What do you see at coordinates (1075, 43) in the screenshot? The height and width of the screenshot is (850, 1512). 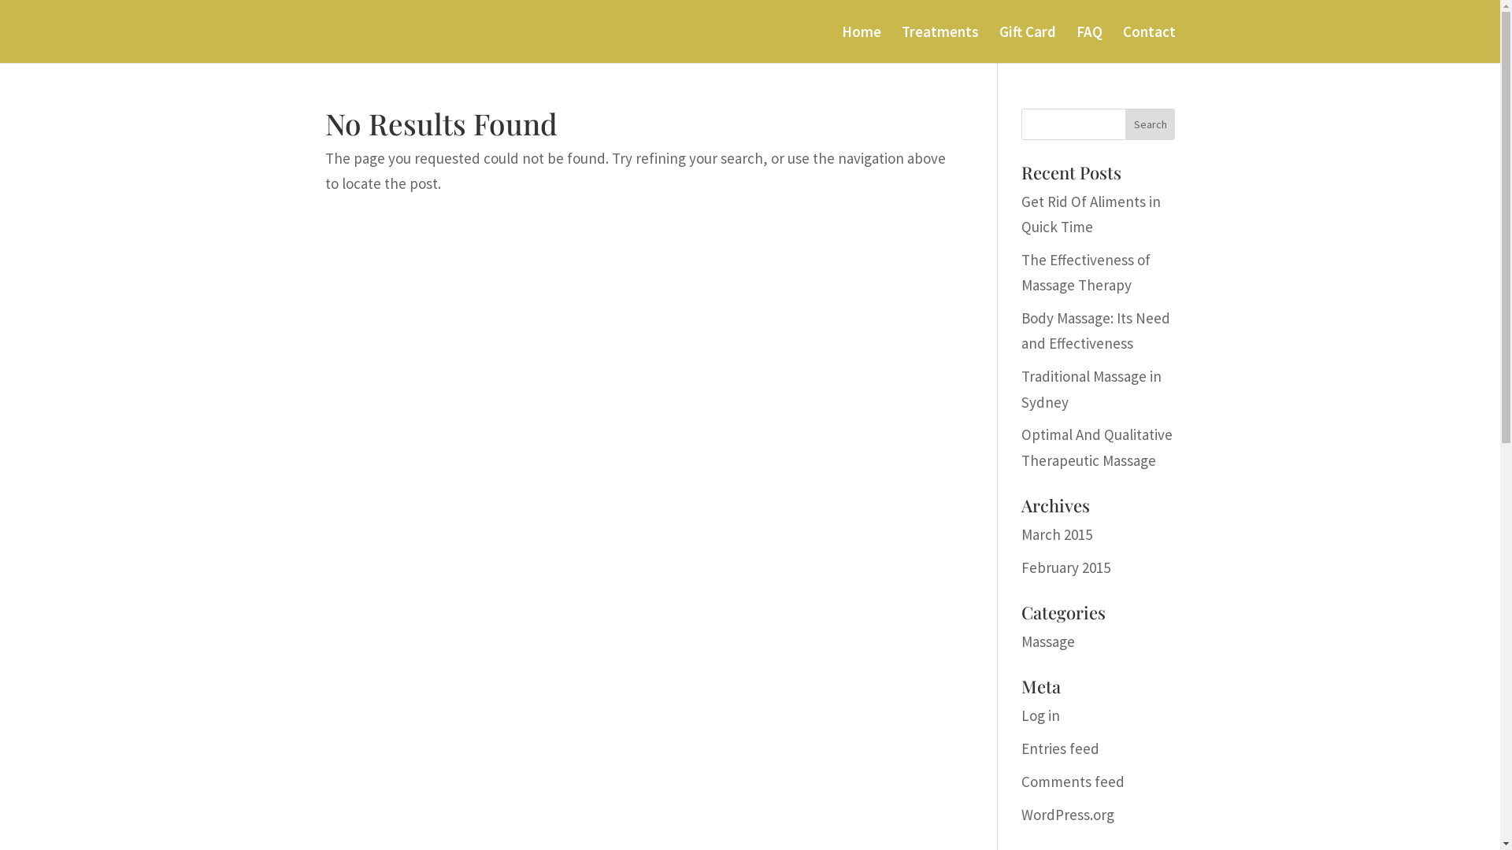 I see `'FAQ'` at bounding box center [1075, 43].